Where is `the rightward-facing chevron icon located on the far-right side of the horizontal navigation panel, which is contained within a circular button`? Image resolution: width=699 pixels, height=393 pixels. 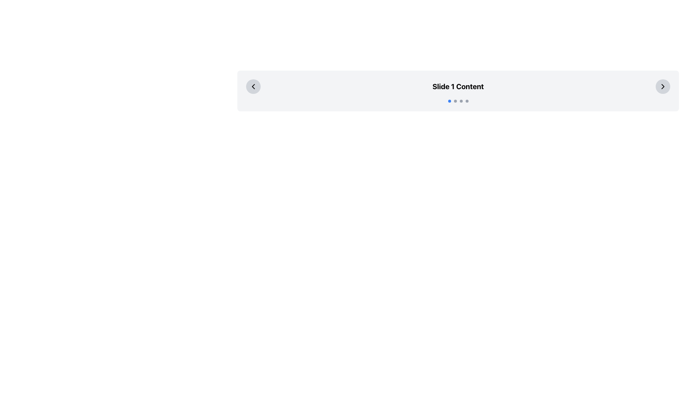 the rightward-facing chevron icon located on the far-right side of the horizontal navigation panel, which is contained within a circular button is located at coordinates (663, 86).